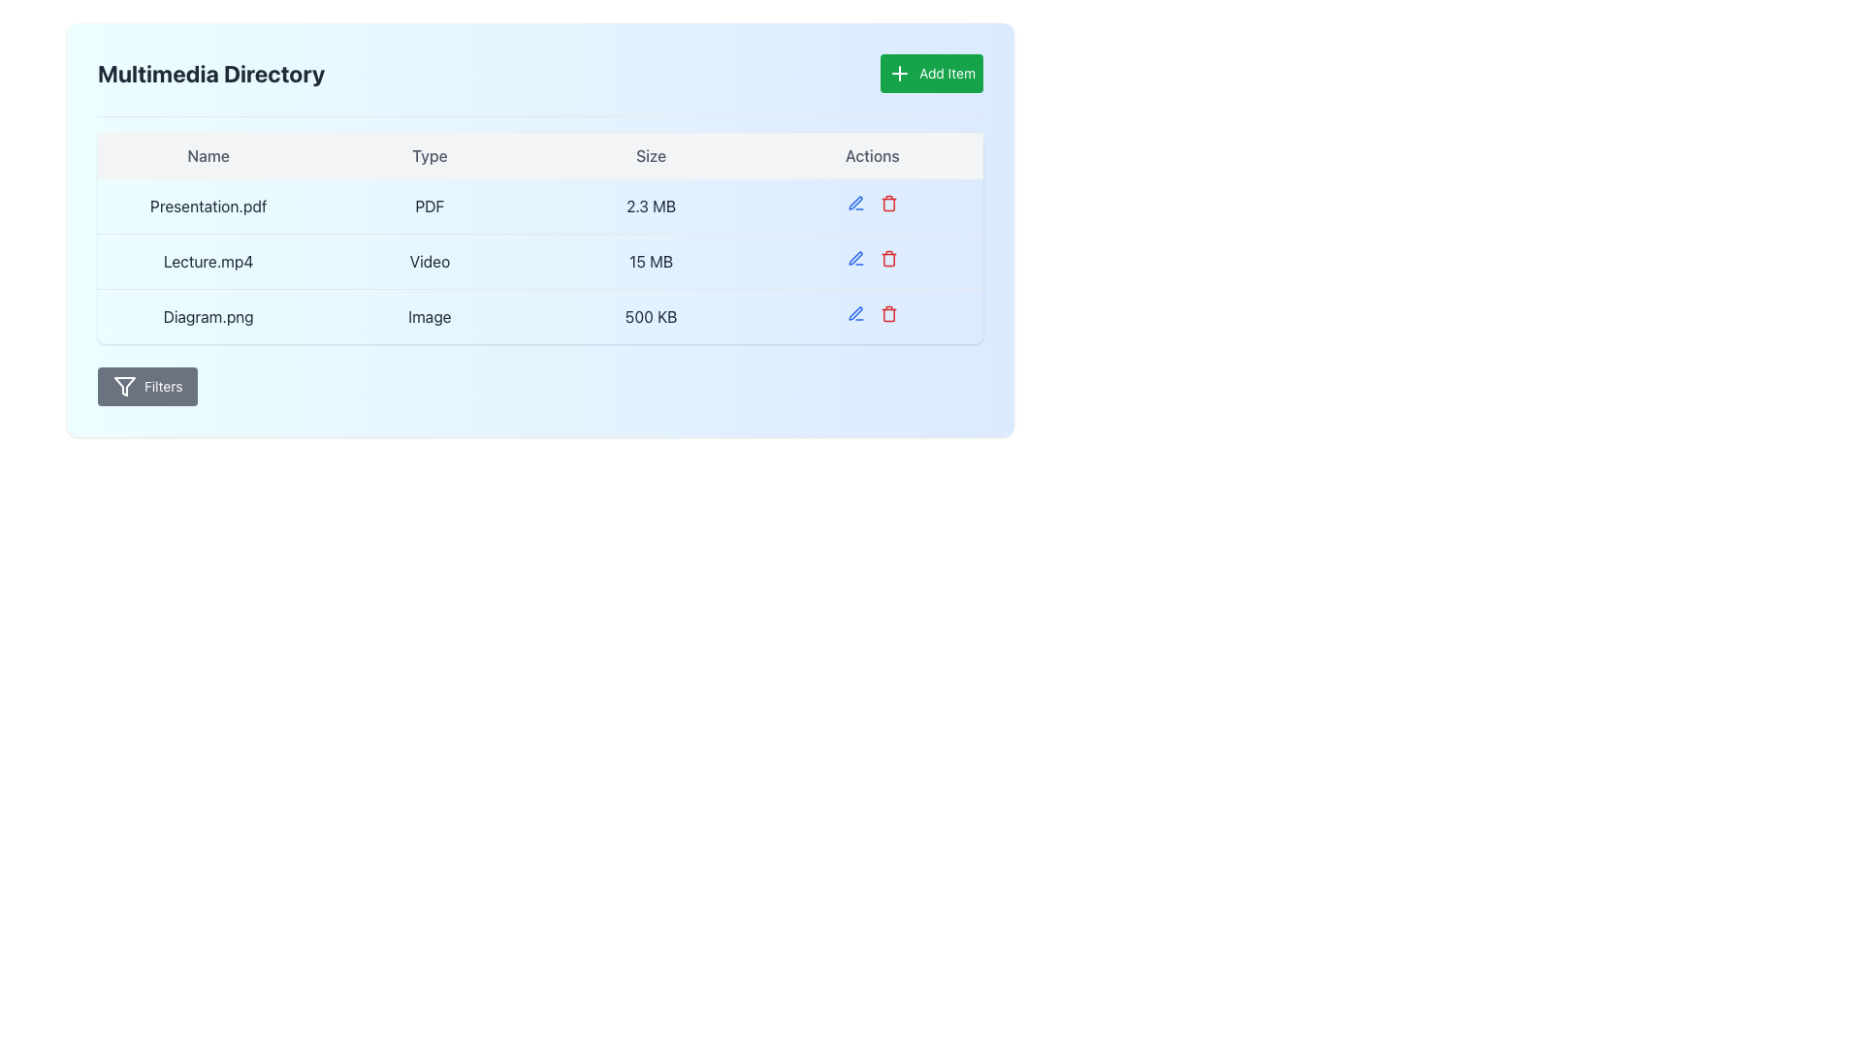  I want to click on the label for the file titled 'Presentation.pdf', so click(209, 206).